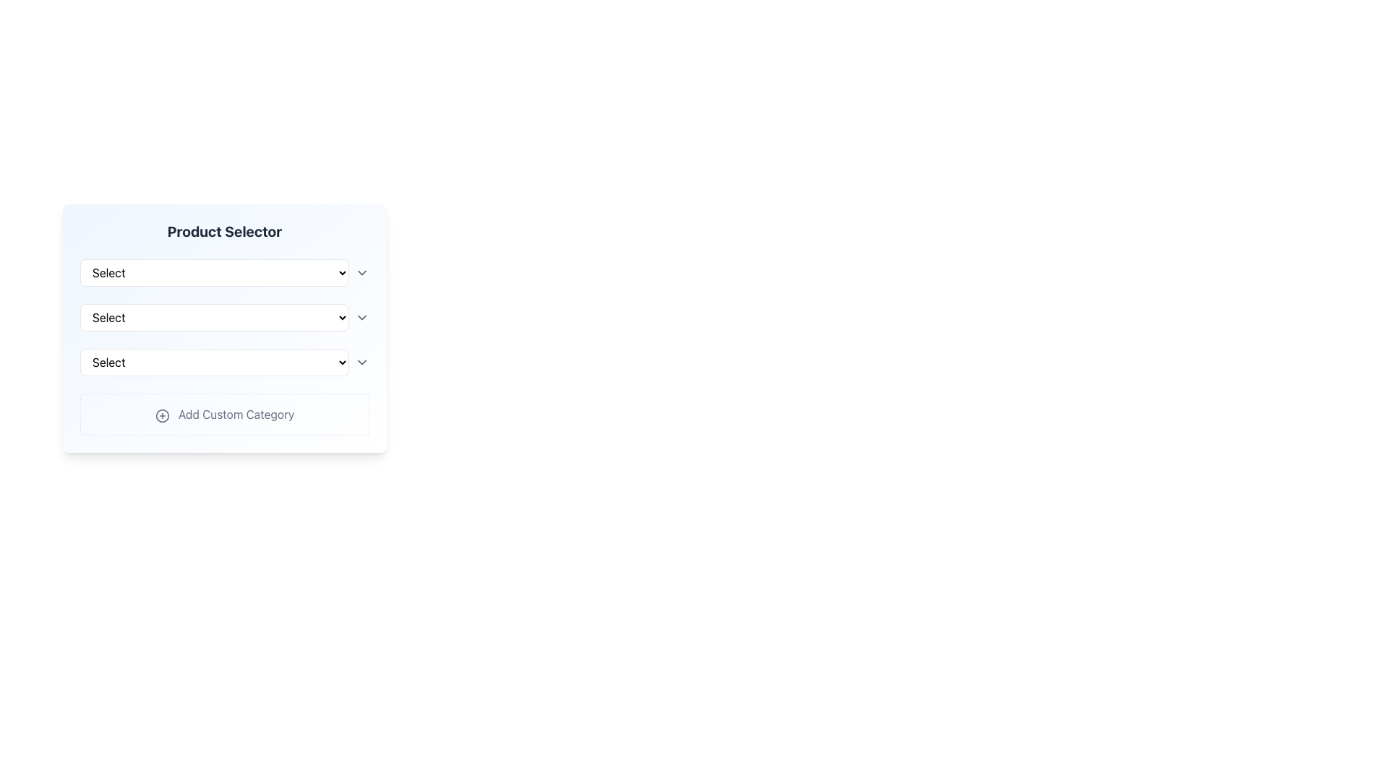  Describe the element at coordinates (214, 273) in the screenshot. I see `the first dropdown menu` at that location.